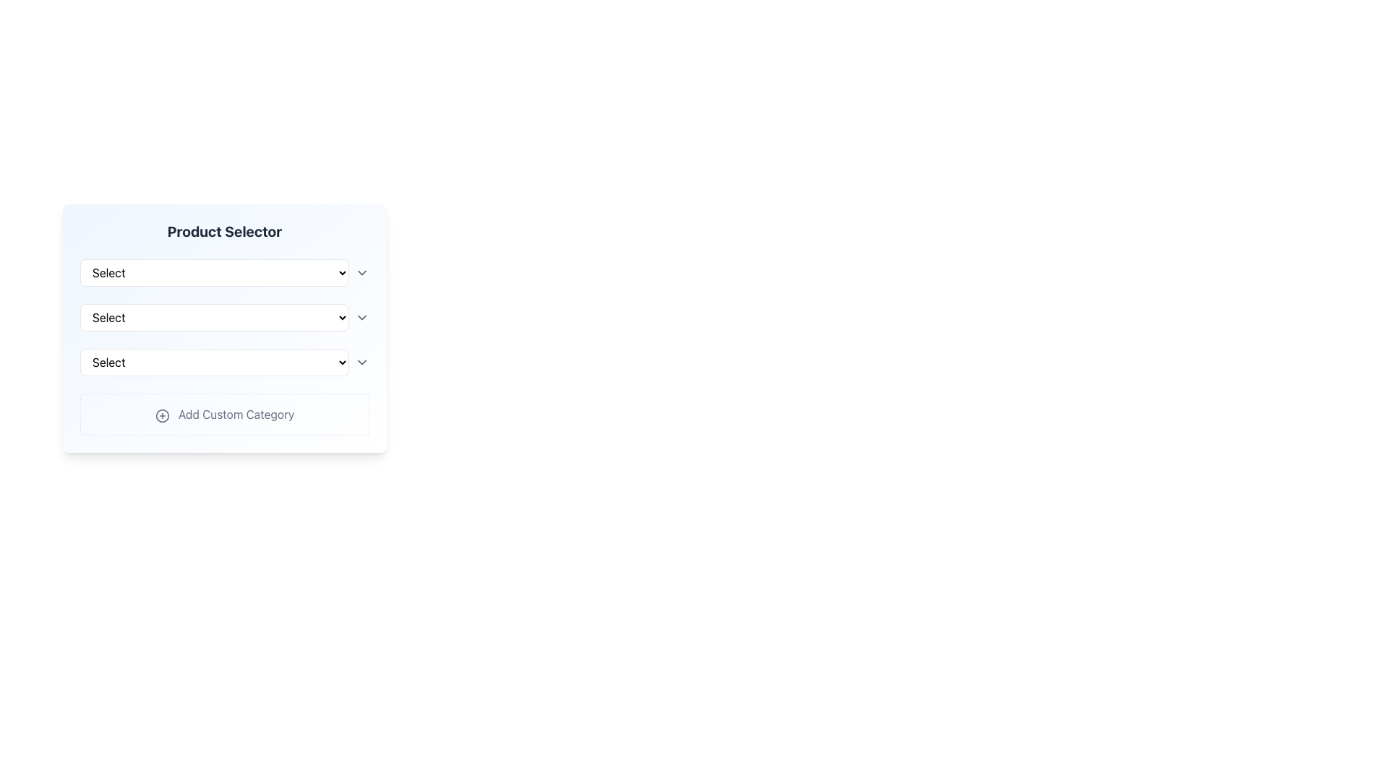  Describe the element at coordinates (214, 273) in the screenshot. I see `the first dropdown menu` at that location.